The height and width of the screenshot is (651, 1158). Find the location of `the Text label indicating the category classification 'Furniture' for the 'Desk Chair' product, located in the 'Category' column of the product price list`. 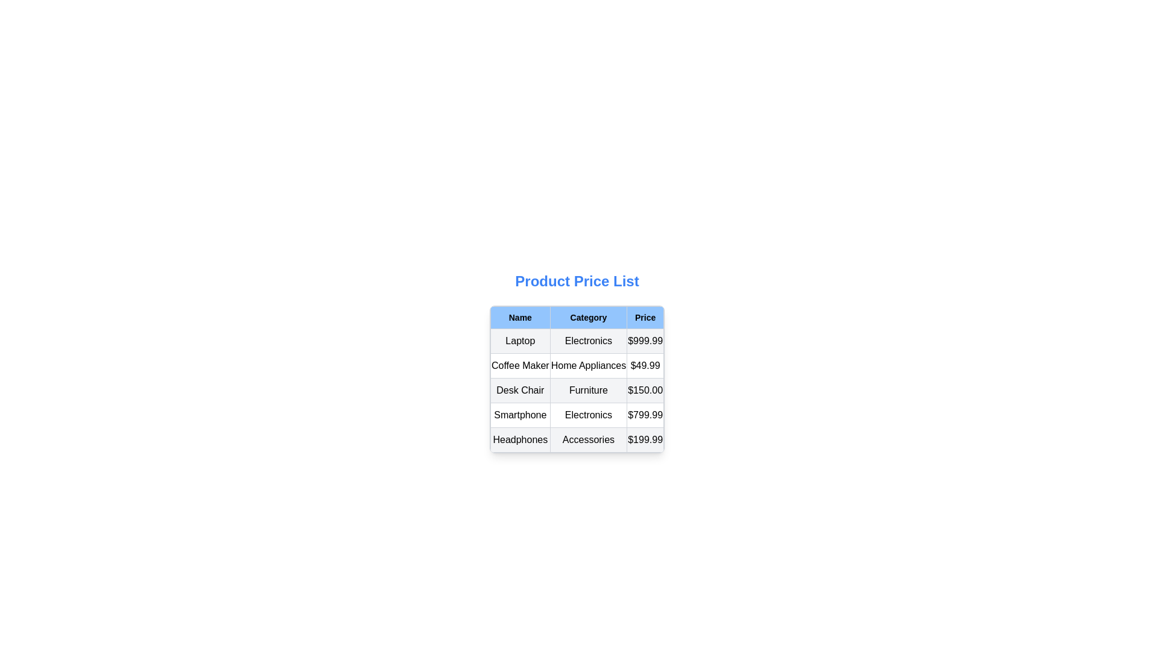

the Text label indicating the category classification 'Furniture' for the 'Desk Chair' product, located in the 'Category' column of the product price list is located at coordinates (588, 391).